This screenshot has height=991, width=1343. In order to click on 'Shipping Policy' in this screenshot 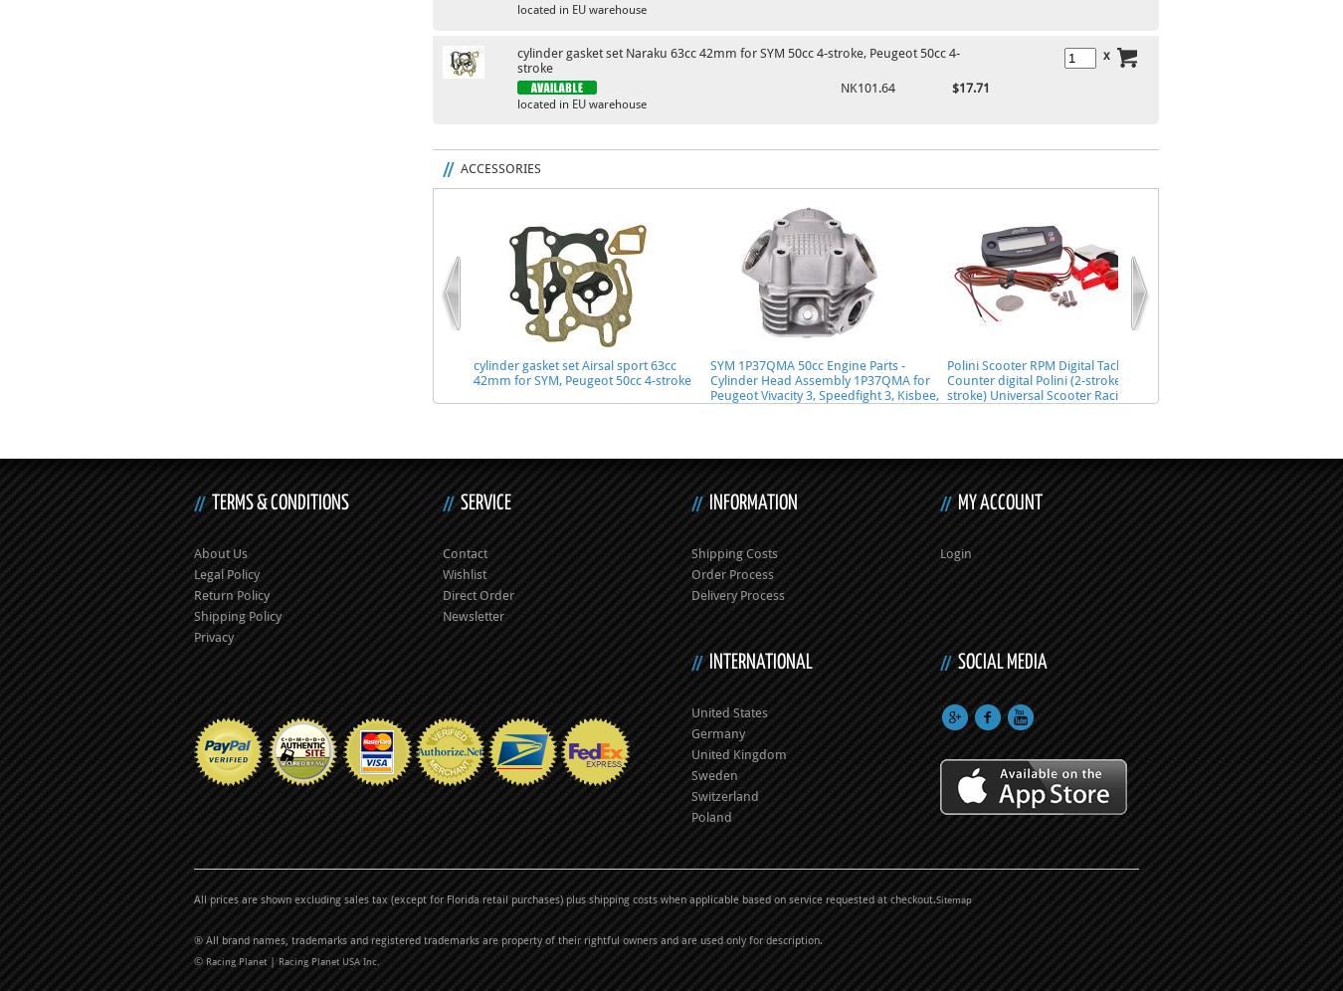, I will do `click(193, 616)`.